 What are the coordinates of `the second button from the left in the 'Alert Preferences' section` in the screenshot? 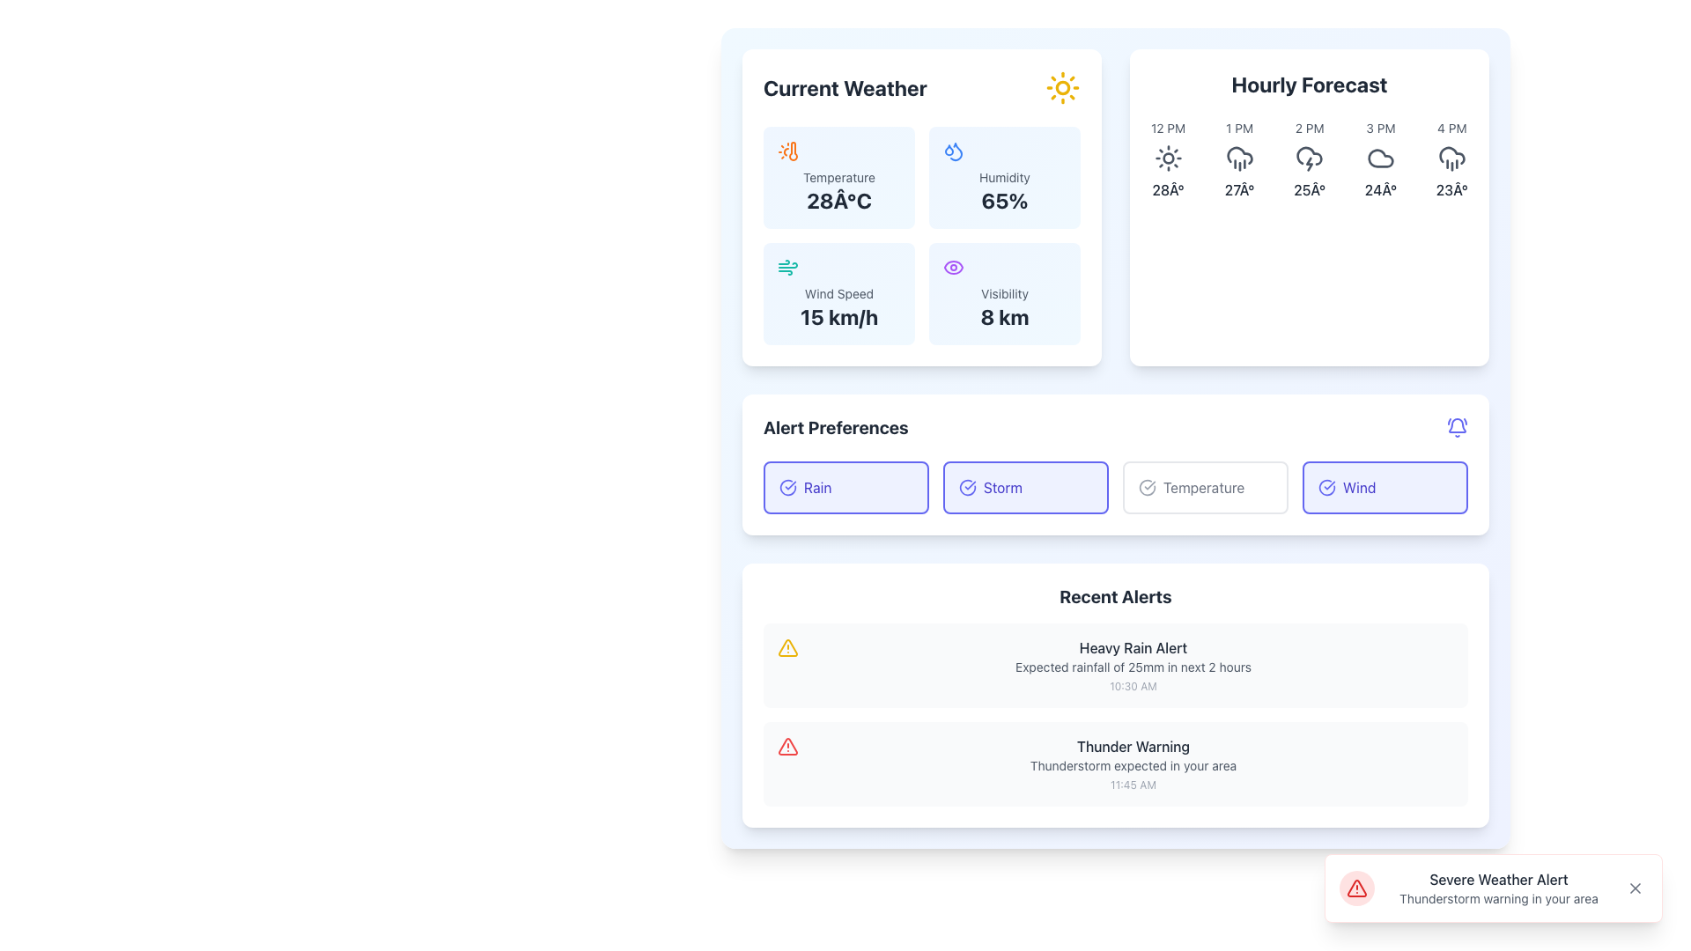 It's located at (1026, 488).